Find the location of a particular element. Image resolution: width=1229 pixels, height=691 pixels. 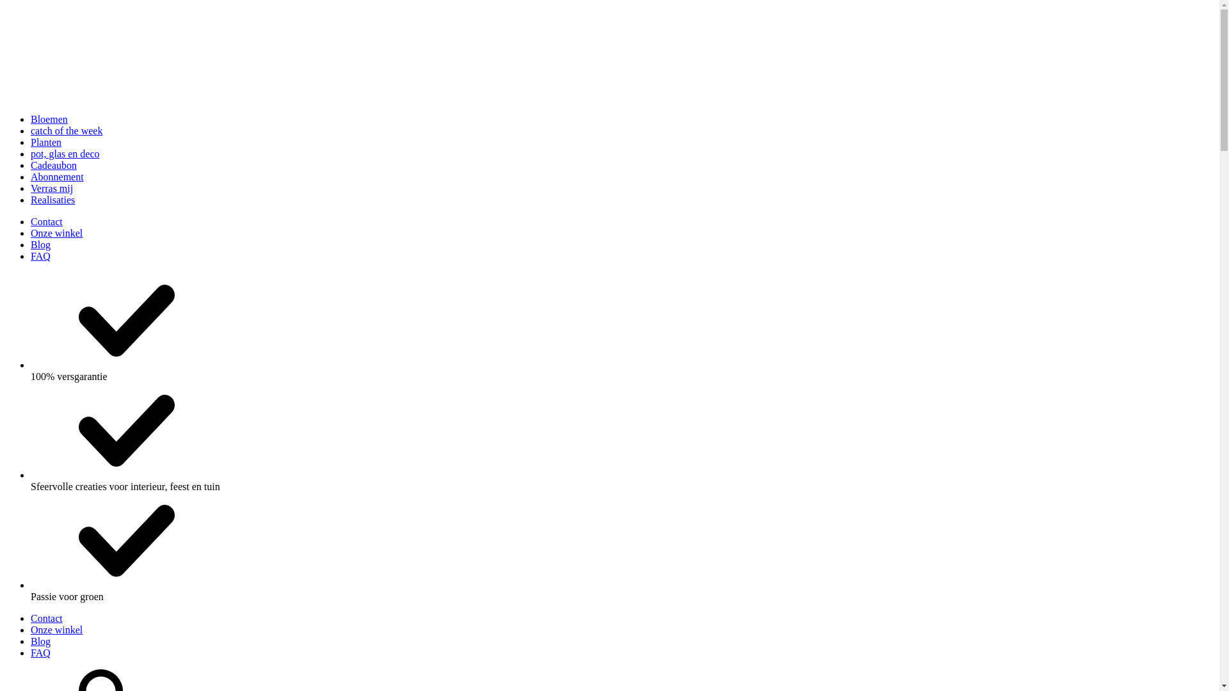

'pot, glas en deco' is located at coordinates (64, 153).